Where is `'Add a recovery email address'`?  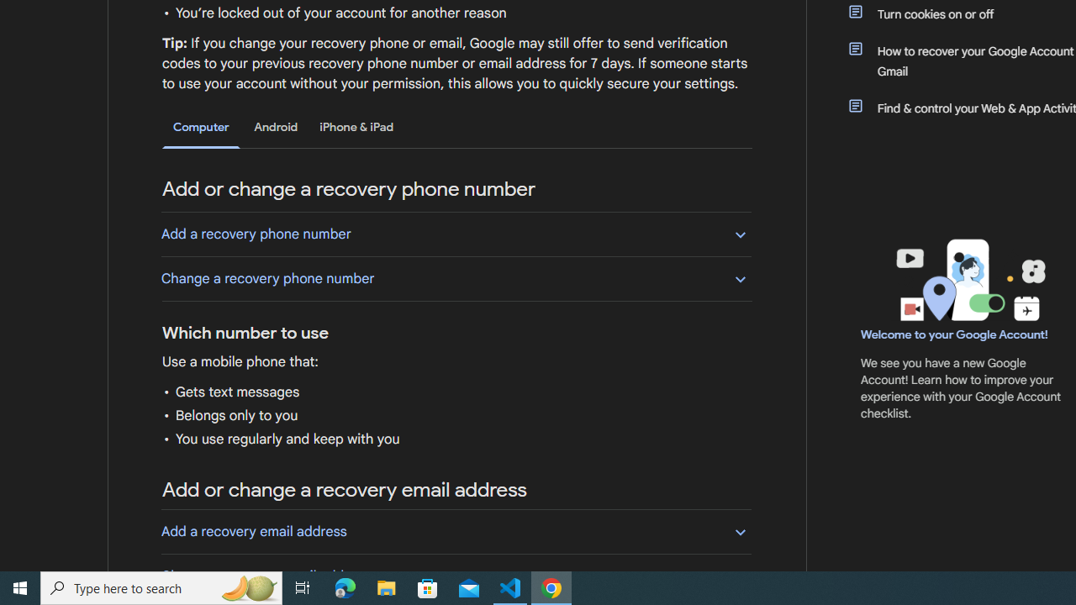 'Add a recovery email address' is located at coordinates (456, 531).